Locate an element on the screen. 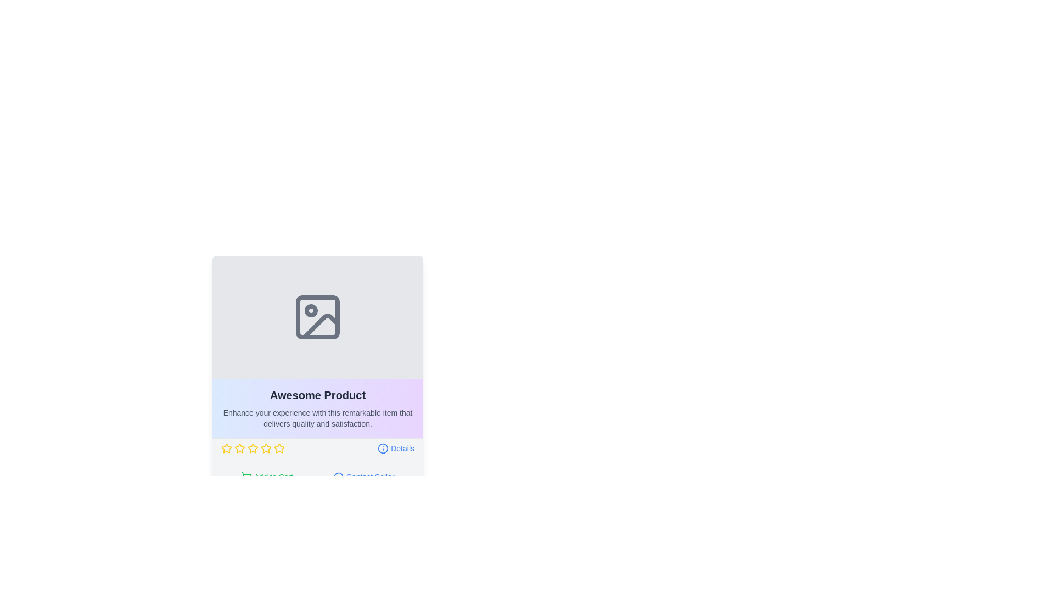 This screenshot has width=1054, height=593. the first yellow star icon in a row of five stars is located at coordinates (226, 448).